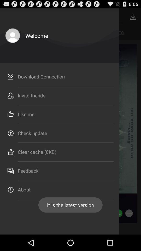 This screenshot has height=251, width=141. I want to click on the more icon, so click(129, 228).